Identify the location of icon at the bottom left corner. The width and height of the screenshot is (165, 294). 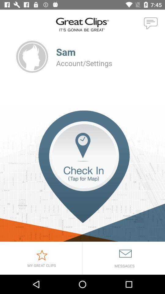
(41, 258).